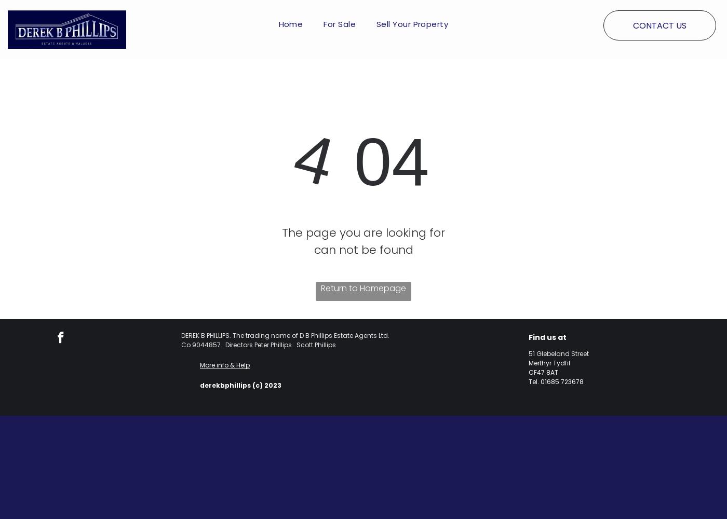 The height and width of the screenshot is (519, 727). Describe the element at coordinates (258, 345) in the screenshot. I see `'Co 9044857.  Directors Peter Phillips   Scott Phillips'` at that location.